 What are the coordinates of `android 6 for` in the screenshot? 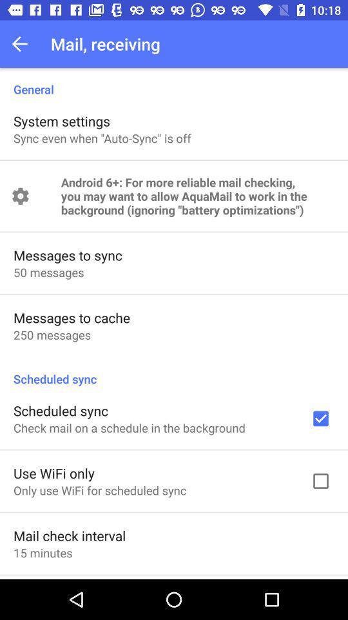 It's located at (197, 196).